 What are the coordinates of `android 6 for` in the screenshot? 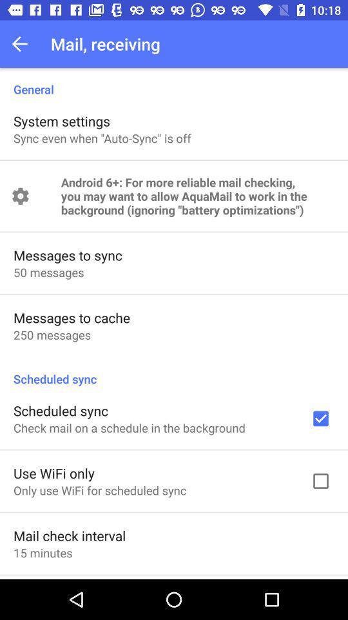 It's located at (197, 196).